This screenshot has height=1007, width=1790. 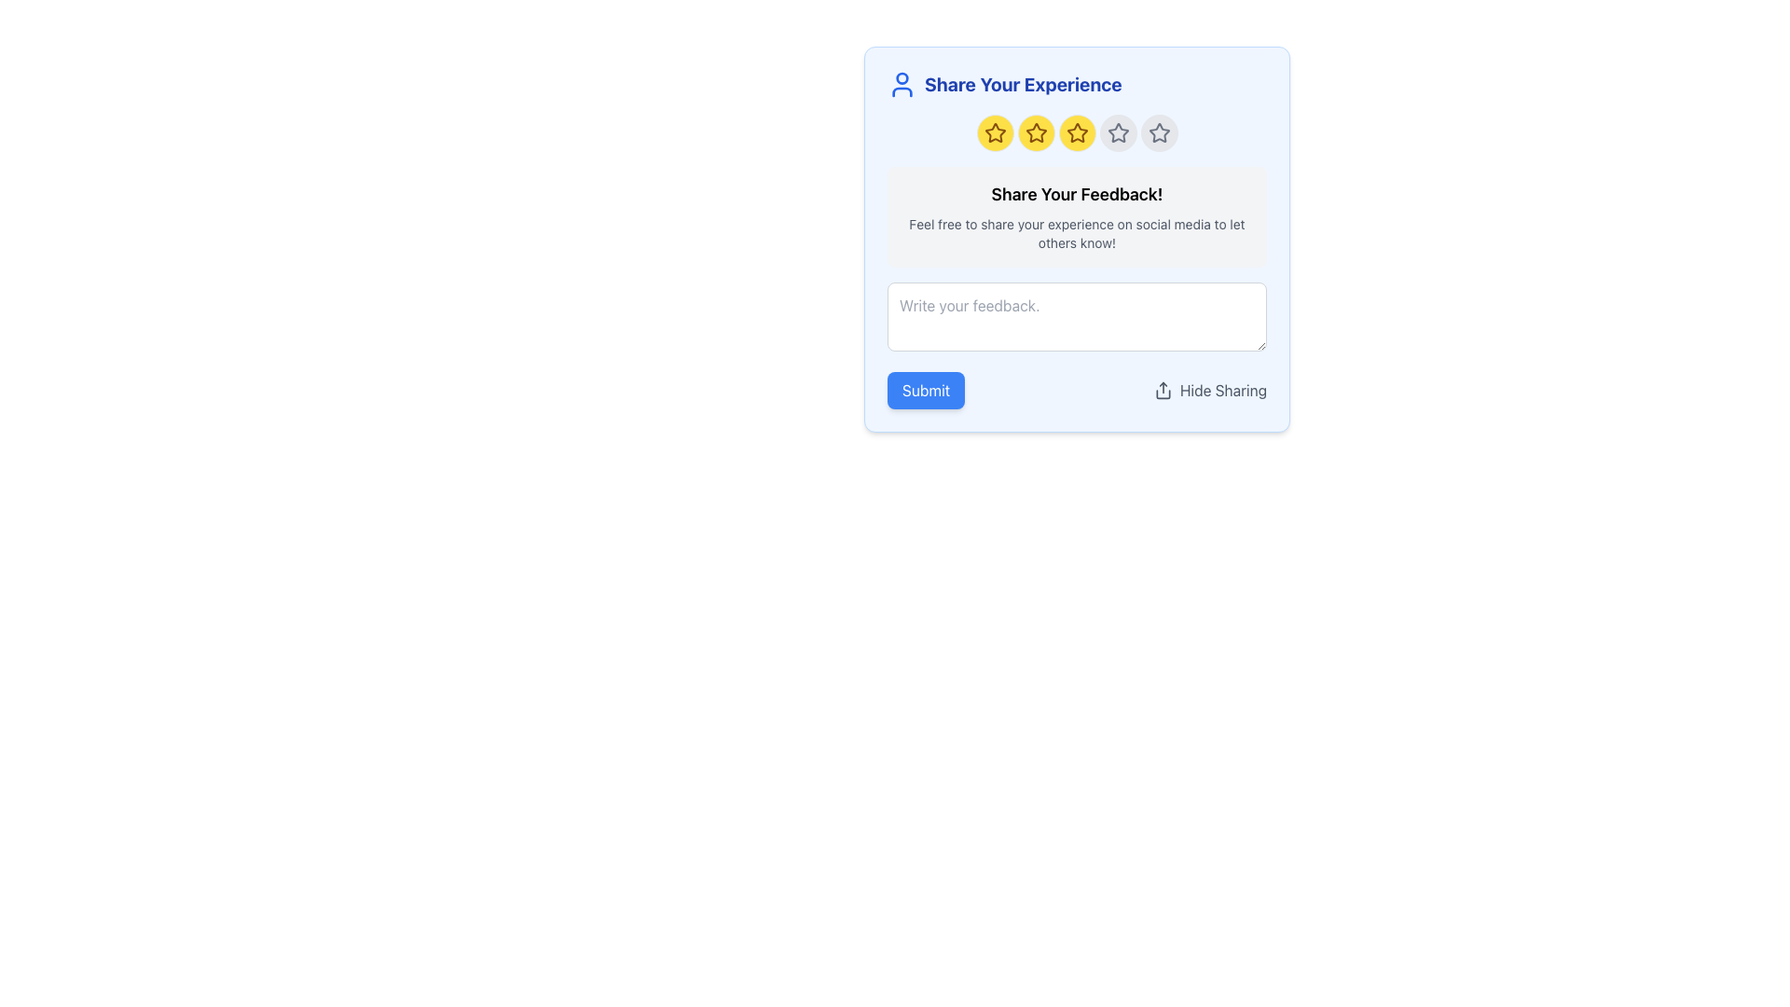 What do you see at coordinates (1162, 390) in the screenshot?
I see `the sharing icon located in the bottom-right corner of the interface, adjacent to the text 'Hide Sharing'` at bounding box center [1162, 390].